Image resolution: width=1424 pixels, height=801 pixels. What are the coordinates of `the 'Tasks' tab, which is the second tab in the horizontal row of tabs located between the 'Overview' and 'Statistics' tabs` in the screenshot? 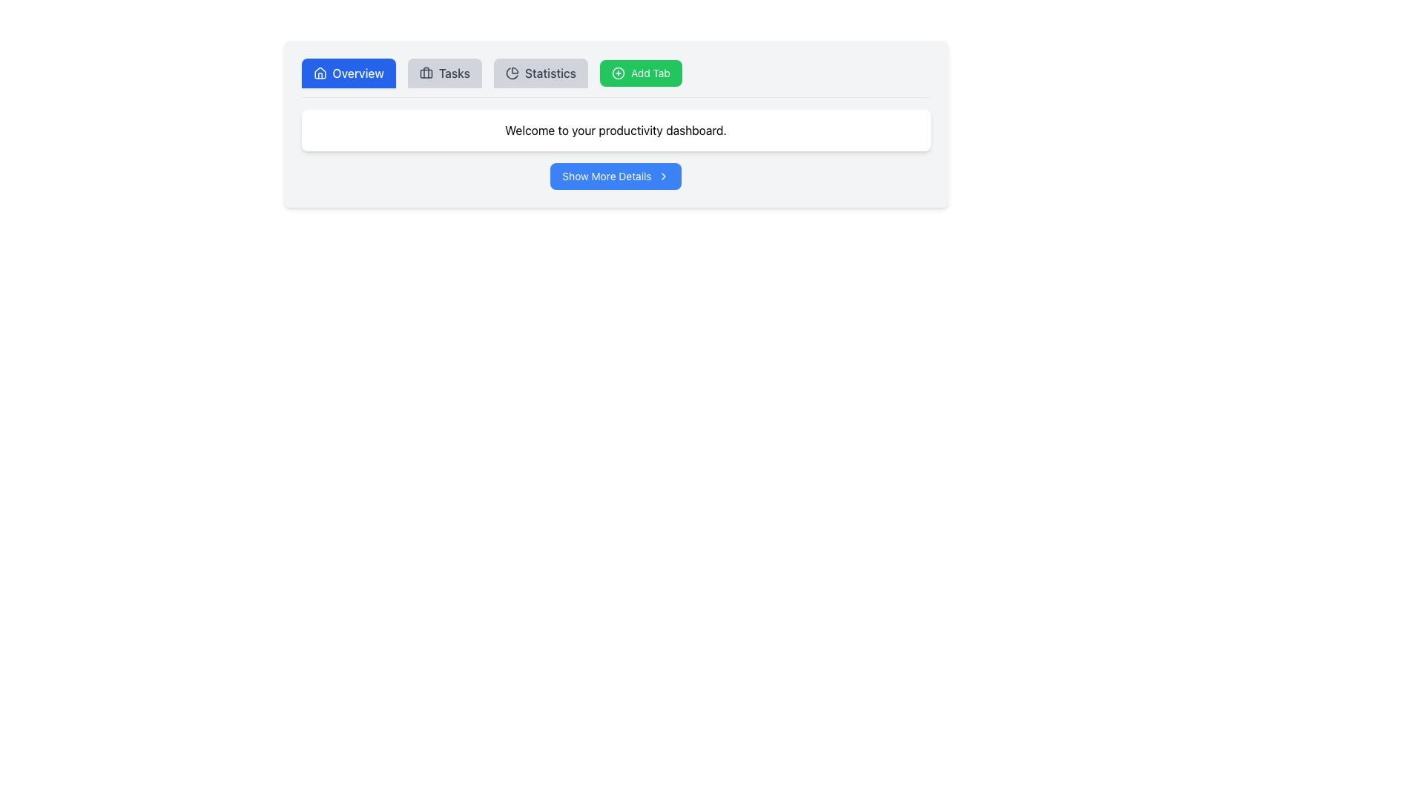 It's located at (444, 73).